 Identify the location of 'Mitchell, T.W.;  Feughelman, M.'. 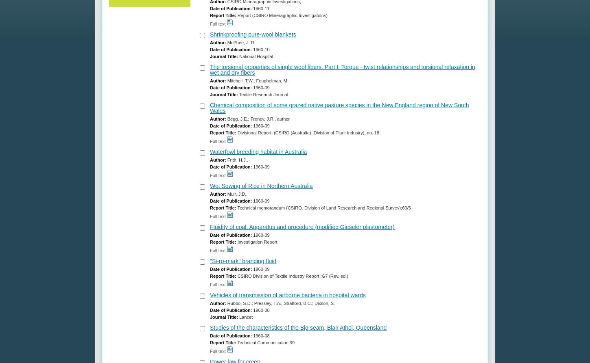
(256, 81).